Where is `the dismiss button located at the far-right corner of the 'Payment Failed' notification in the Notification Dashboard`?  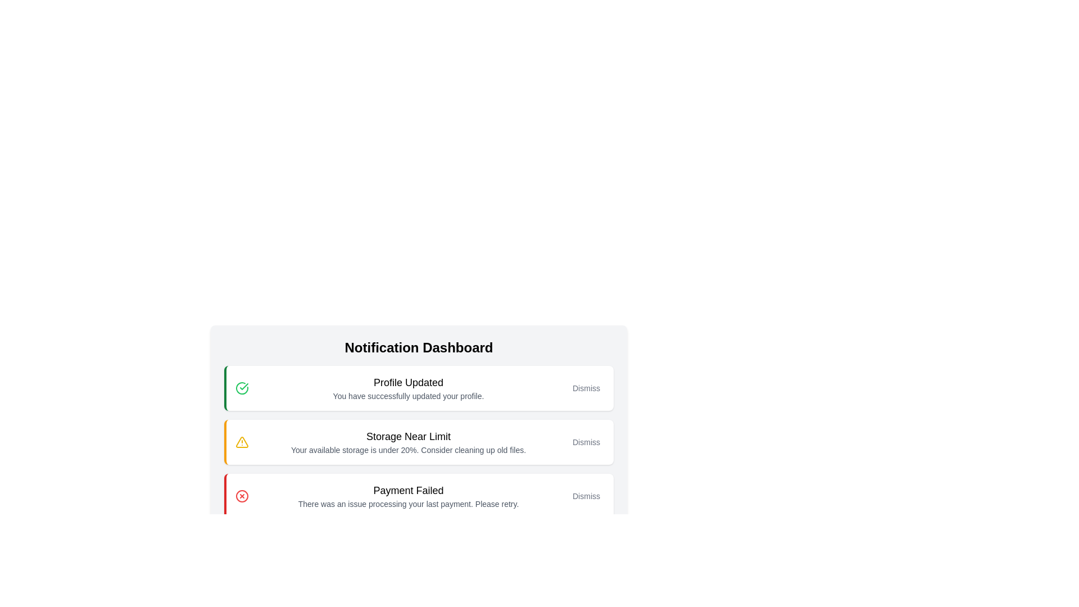
the dismiss button located at the far-right corner of the 'Payment Failed' notification in the Notification Dashboard is located at coordinates (586, 496).